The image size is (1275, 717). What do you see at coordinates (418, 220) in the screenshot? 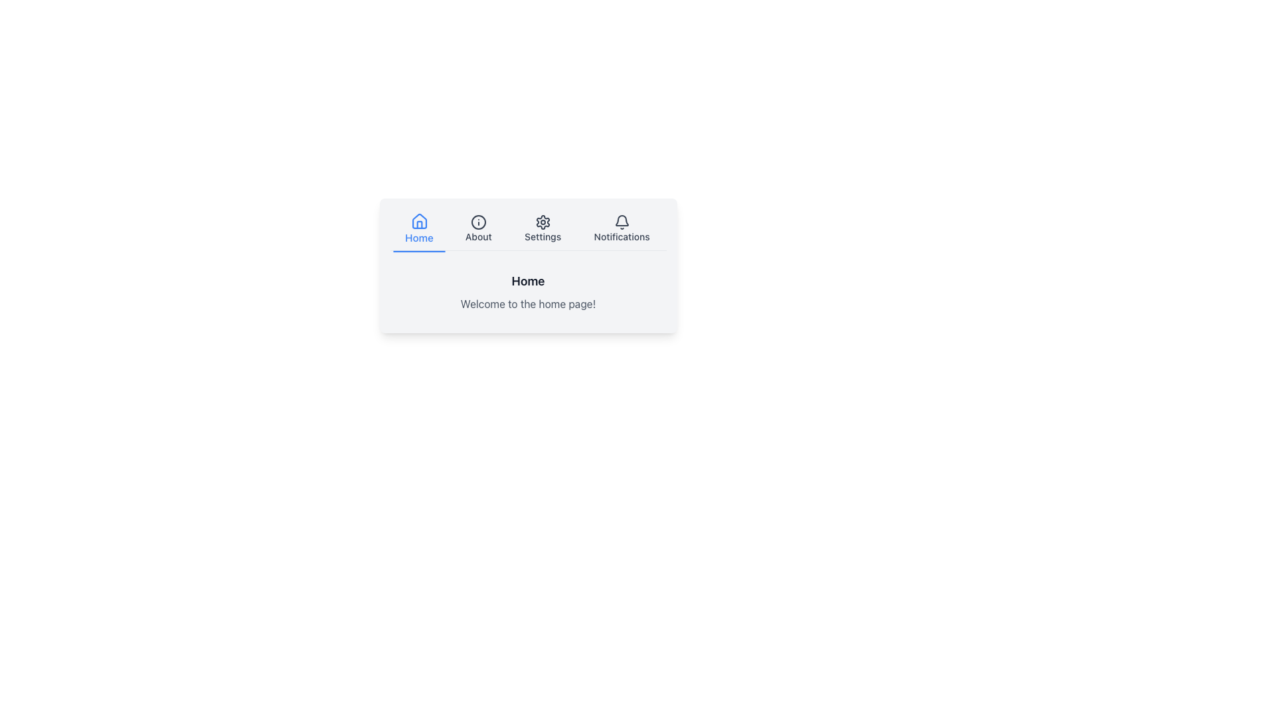
I see `the 'Home' button icon in the navigation menu, which visually represents the concept of 'Home'` at bounding box center [418, 220].